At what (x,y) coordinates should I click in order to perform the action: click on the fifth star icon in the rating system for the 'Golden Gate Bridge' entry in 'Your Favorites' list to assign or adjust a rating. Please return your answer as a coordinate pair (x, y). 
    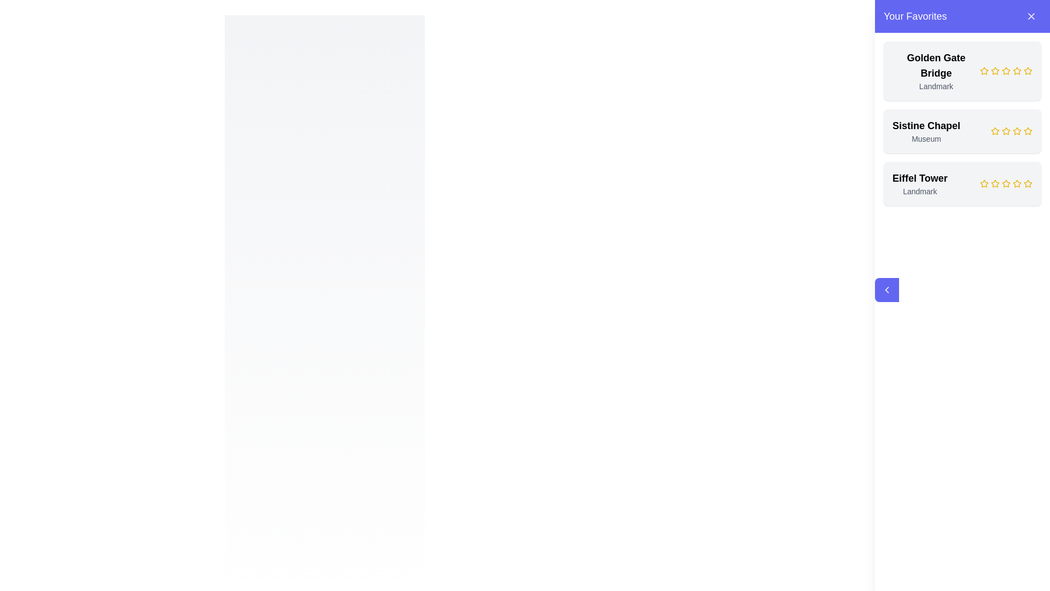
    Looking at the image, I should click on (1017, 71).